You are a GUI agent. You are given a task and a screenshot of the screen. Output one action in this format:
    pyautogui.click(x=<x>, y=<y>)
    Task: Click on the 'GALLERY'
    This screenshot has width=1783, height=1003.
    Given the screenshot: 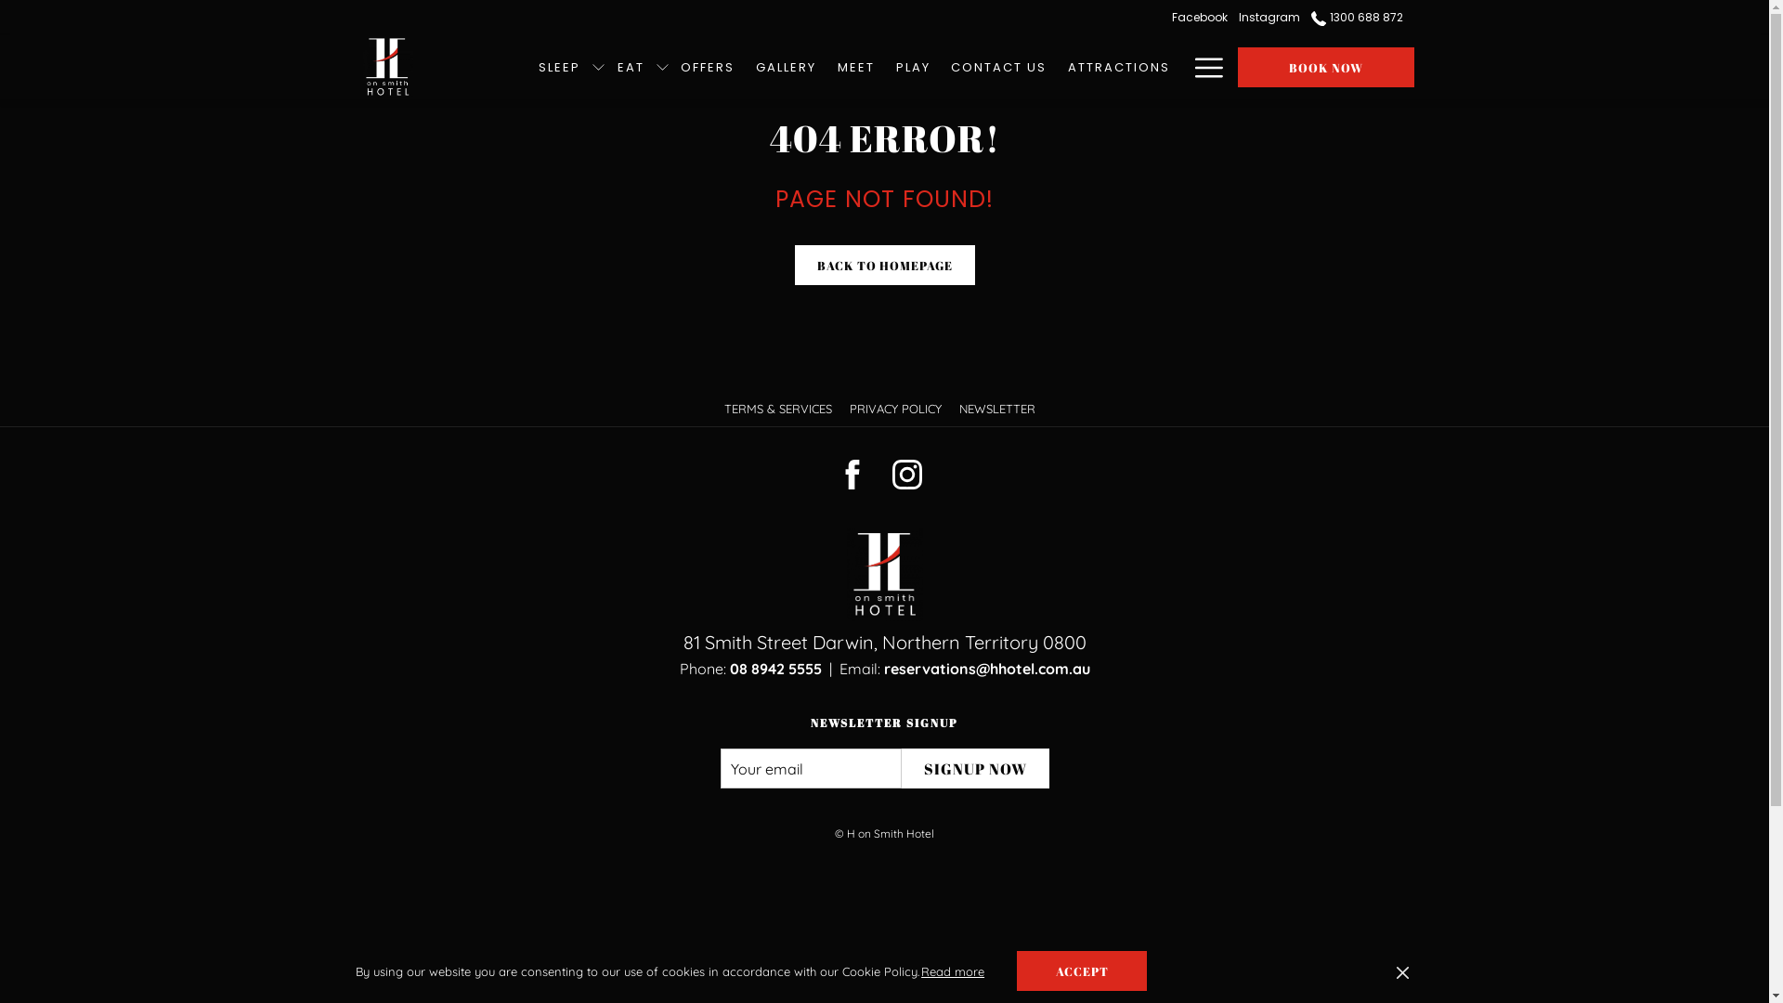 What is the action you would take?
    pyautogui.click(x=793, y=66)
    